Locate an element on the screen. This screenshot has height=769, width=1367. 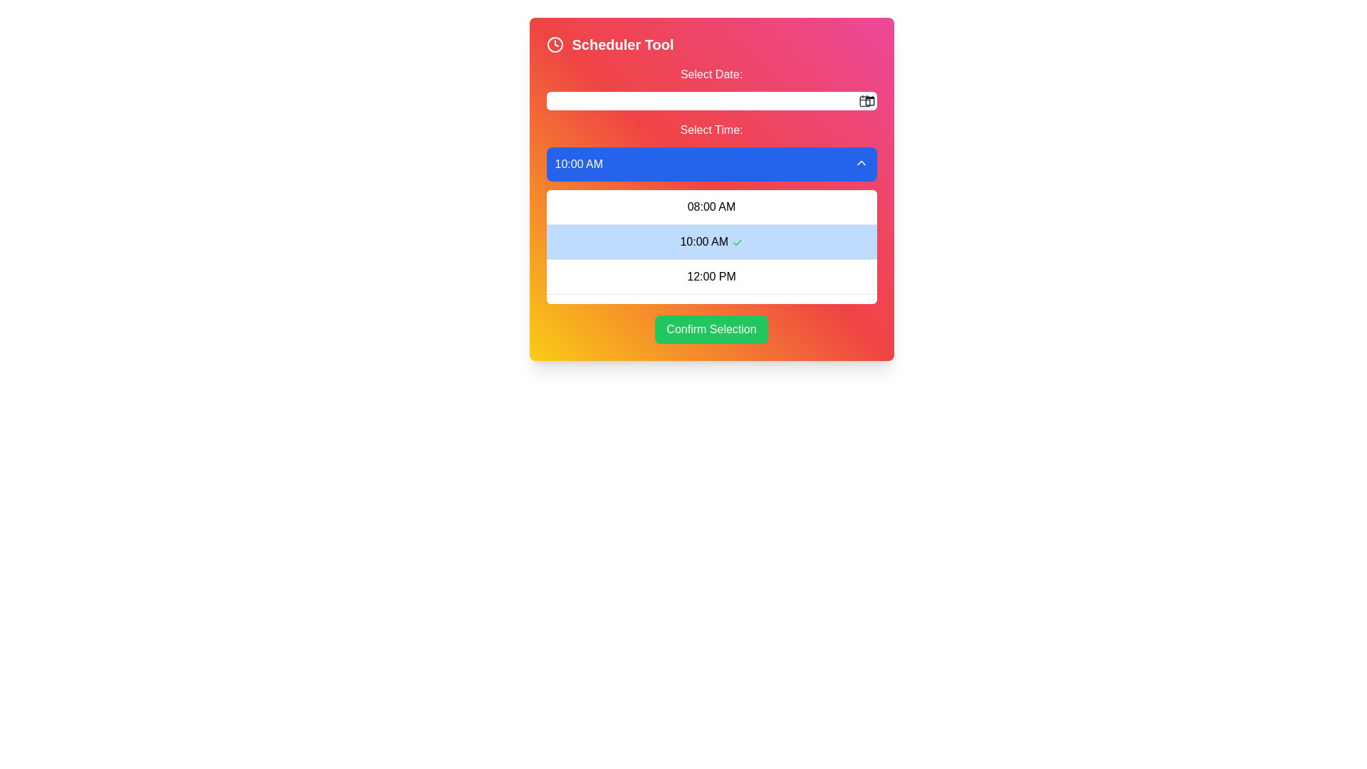
the selectable list item displaying '08:00 AM' is located at coordinates (711, 213).